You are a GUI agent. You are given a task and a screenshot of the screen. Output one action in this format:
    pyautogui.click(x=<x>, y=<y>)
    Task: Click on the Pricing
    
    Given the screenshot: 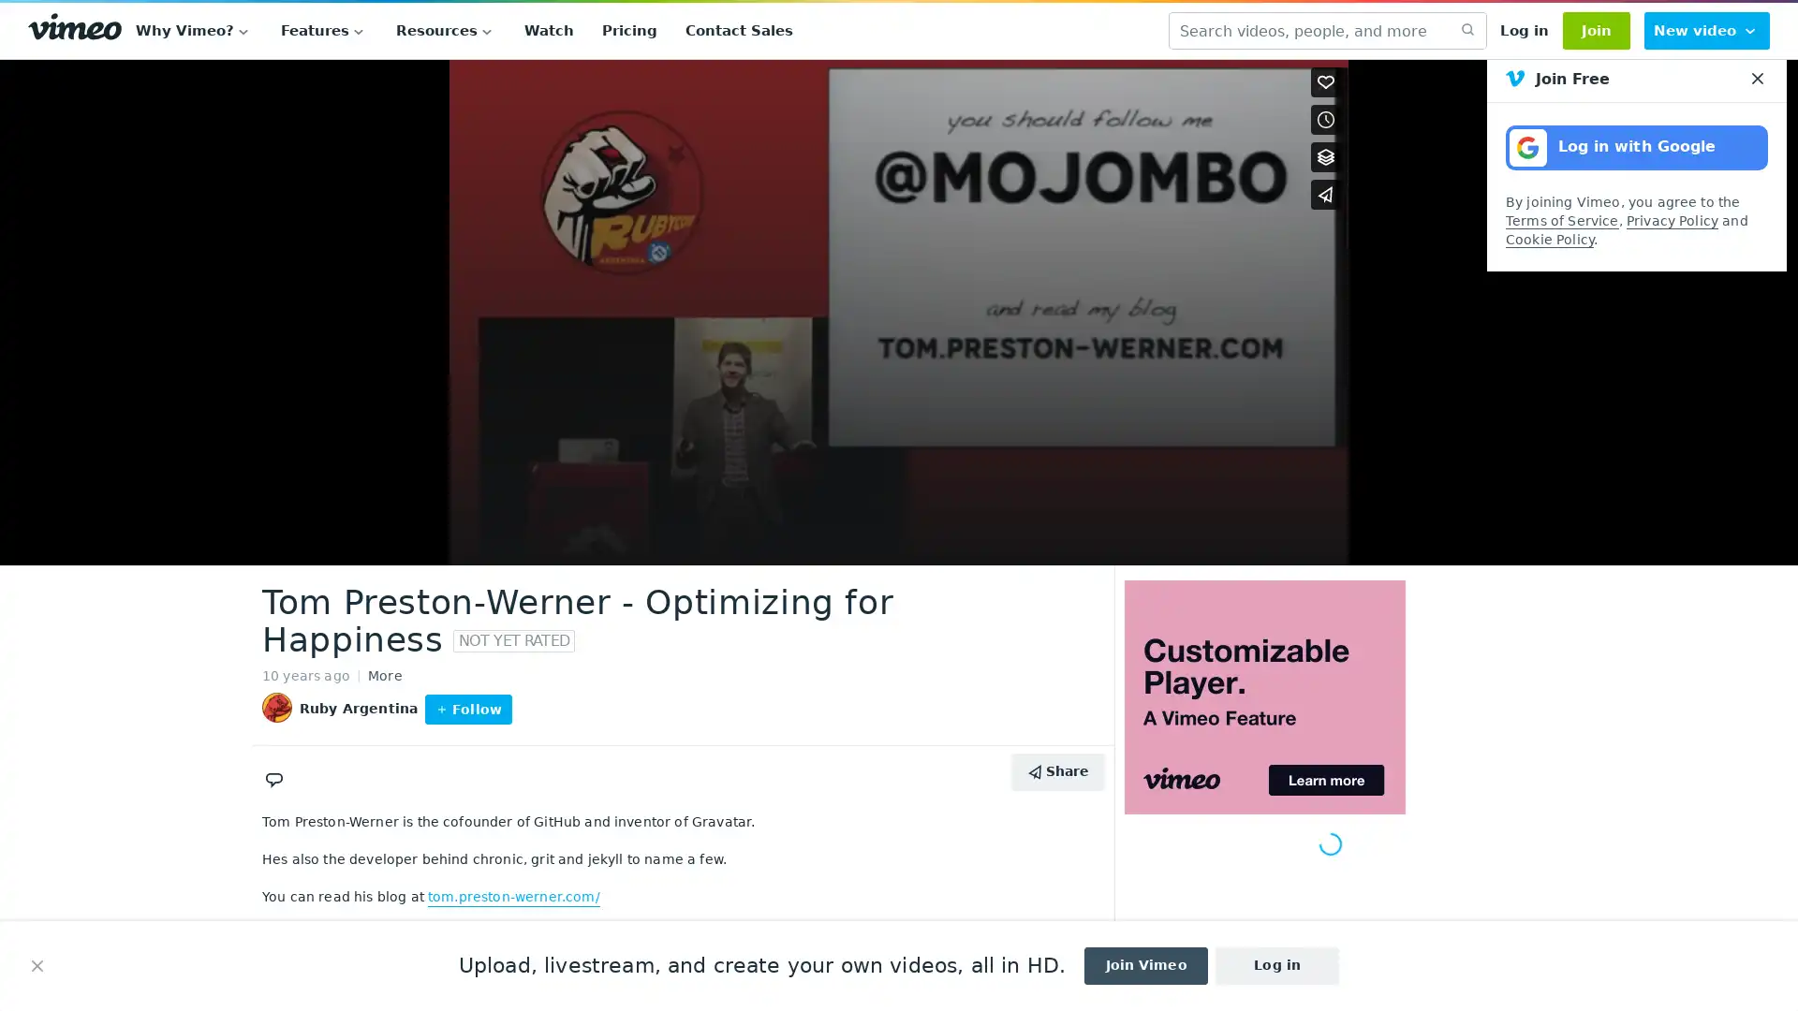 What is the action you would take?
    pyautogui.click(x=629, y=31)
    